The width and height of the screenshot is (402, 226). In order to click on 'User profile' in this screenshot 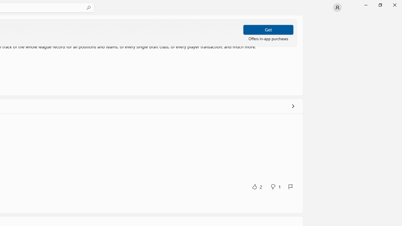, I will do `click(337, 8)`.